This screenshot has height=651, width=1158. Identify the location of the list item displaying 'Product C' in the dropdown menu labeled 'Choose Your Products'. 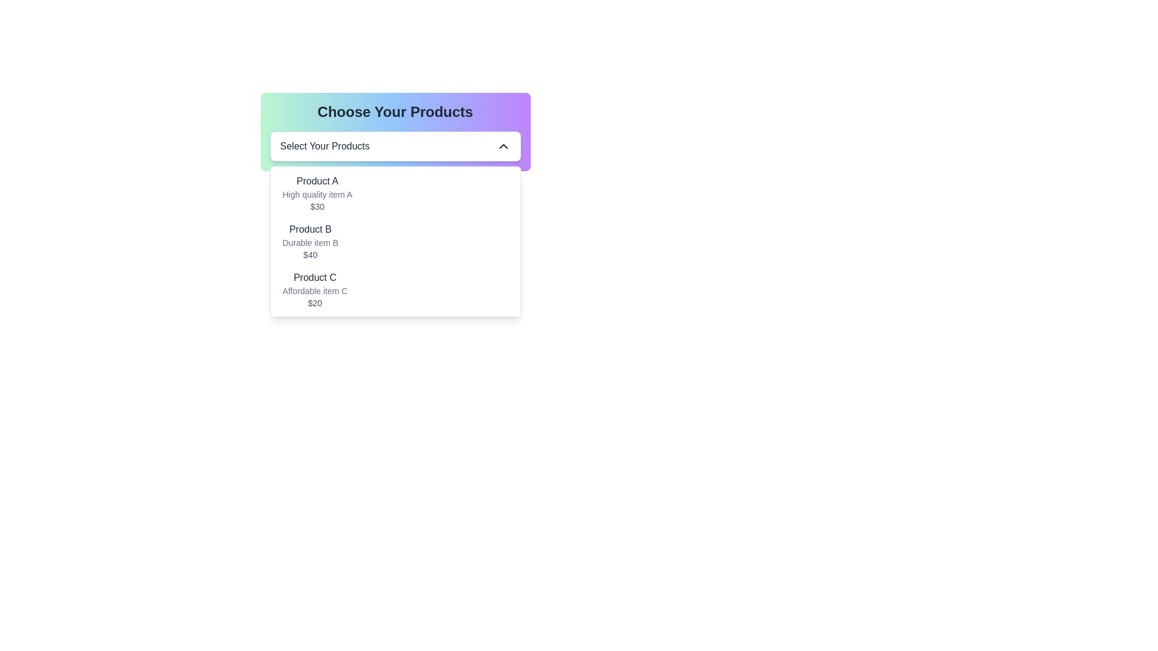
(315, 290).